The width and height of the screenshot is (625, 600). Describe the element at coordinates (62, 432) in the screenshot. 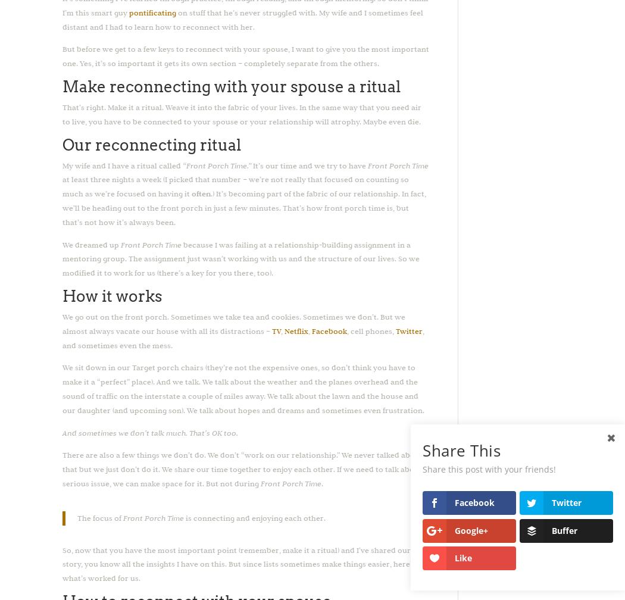

I see `'And sometimes we don’t talk much. That’s OK too.'` at that location.